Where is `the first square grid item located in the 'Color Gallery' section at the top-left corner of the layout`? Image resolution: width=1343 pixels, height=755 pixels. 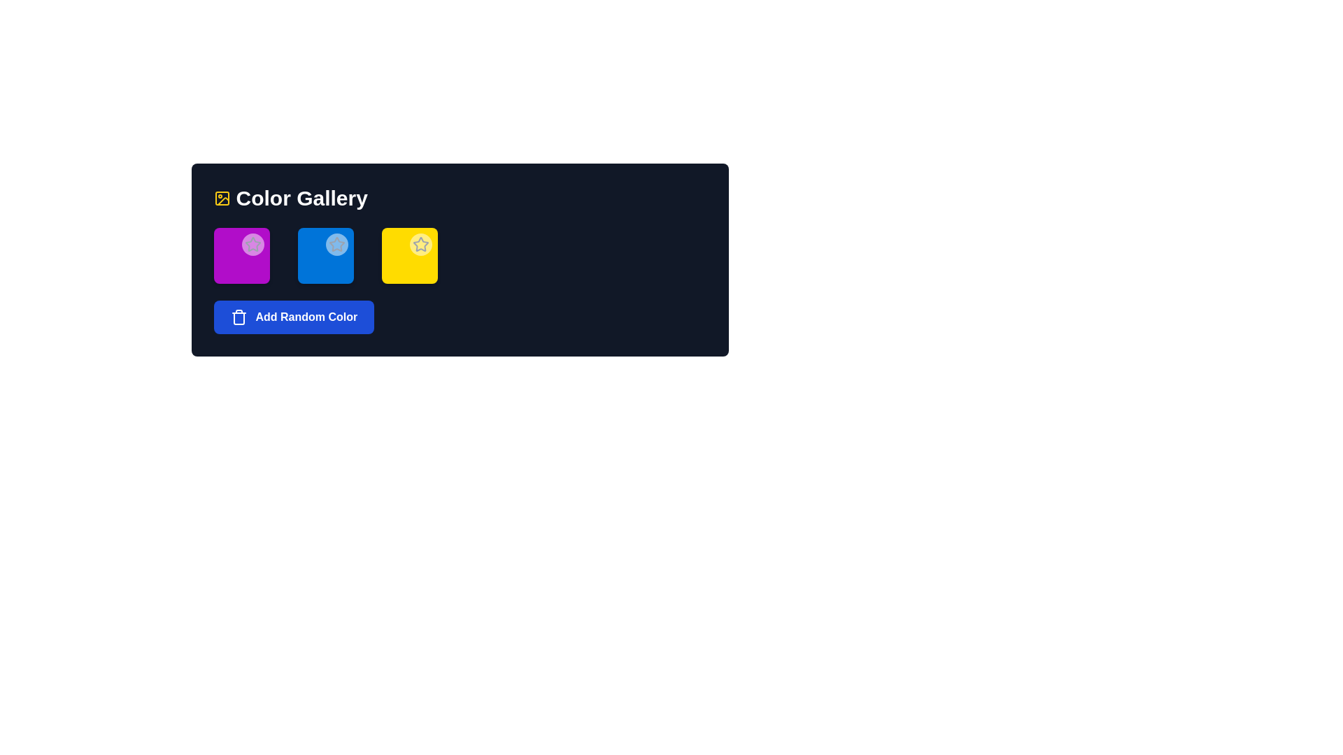
the first square grid item located in the 'Color Gallery' section at the top-left corner of the layout is located at coordinates (241, 256).